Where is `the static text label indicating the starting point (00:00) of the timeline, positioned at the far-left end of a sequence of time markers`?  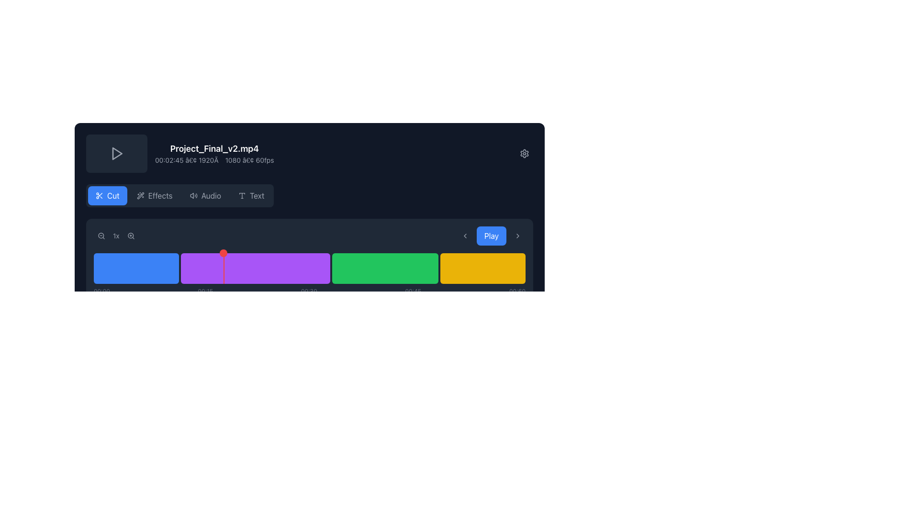 the static text label indicating the starting point (00:00) of the timeline, positioned at the far-left end of a sequence of time markers is located at coordinates (101, 291).